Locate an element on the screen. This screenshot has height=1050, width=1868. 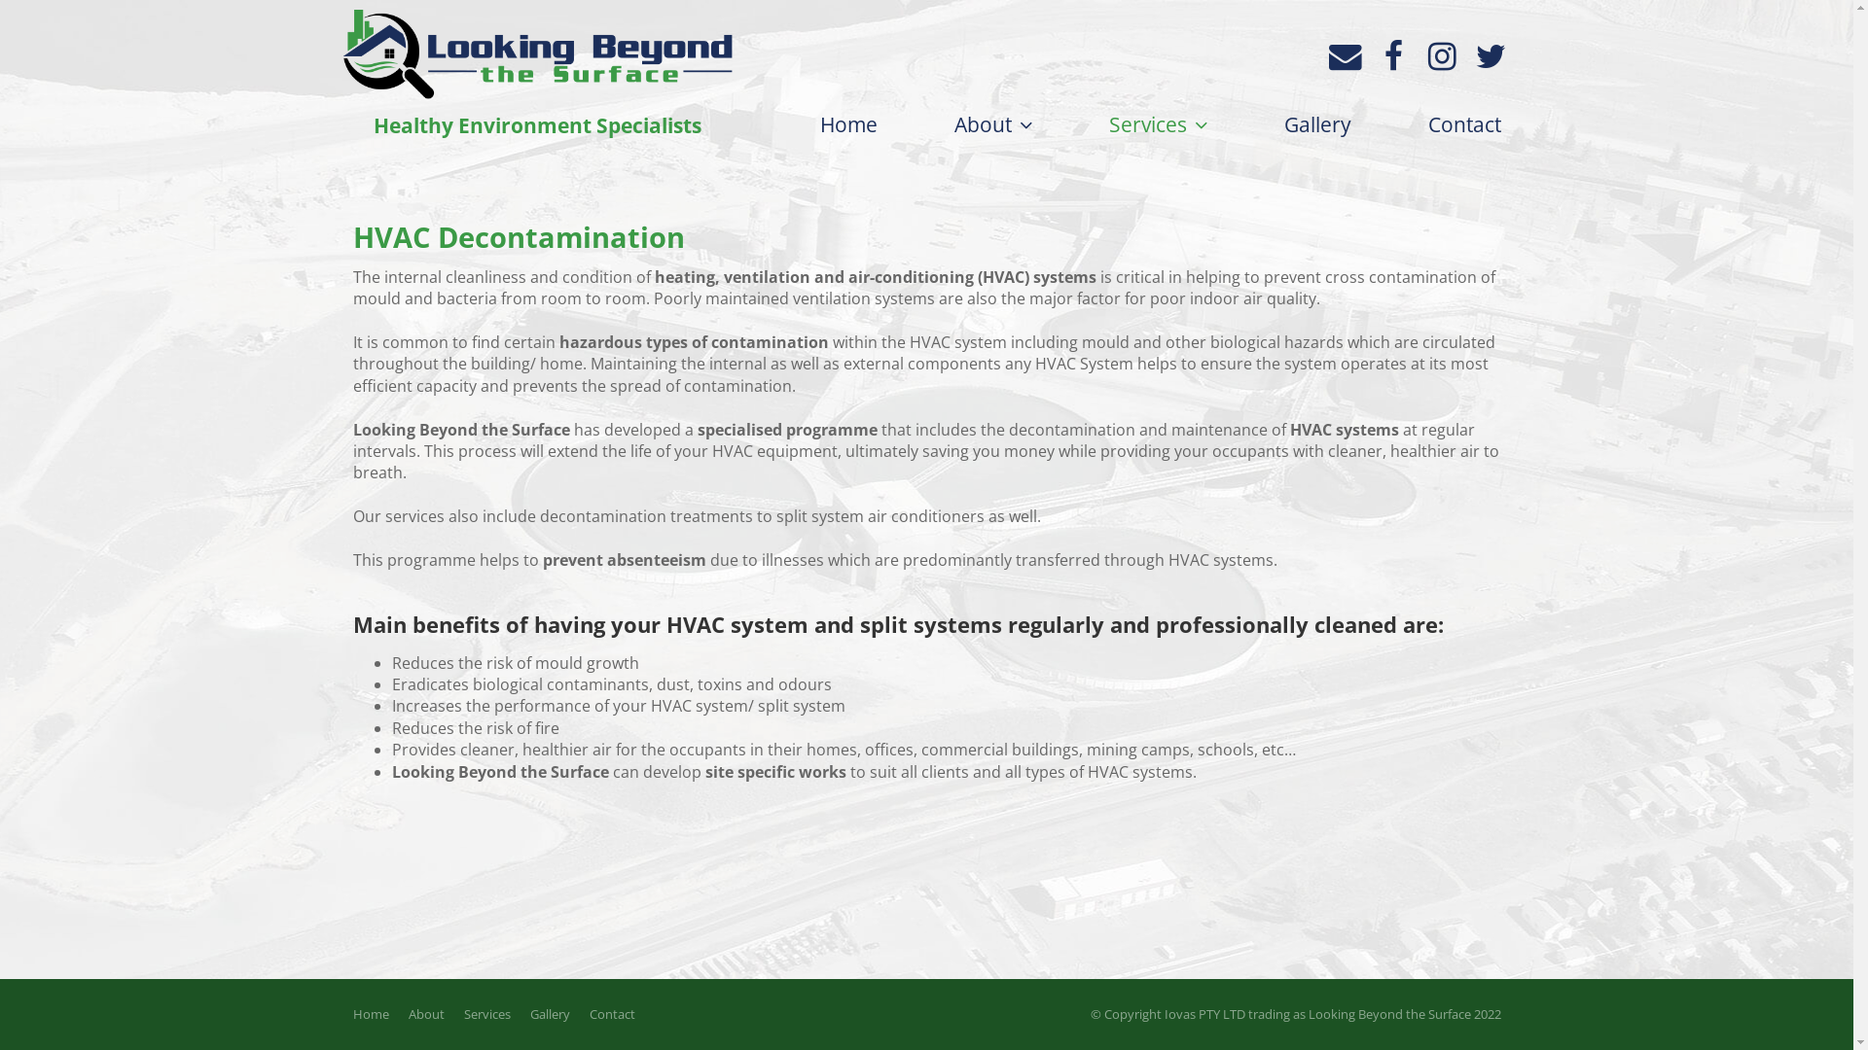
'About' is located at coordinates (991, 124).